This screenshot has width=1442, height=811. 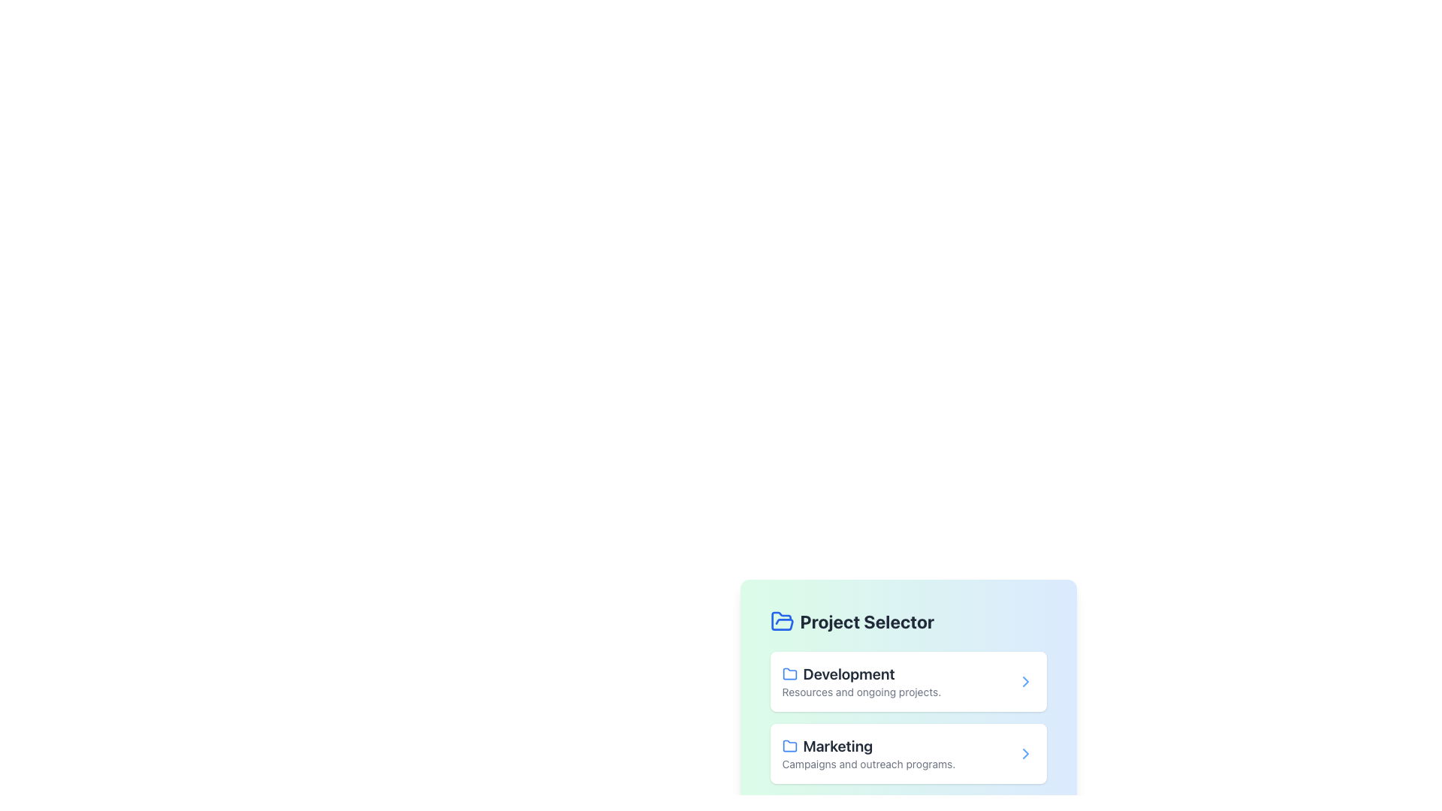 What do you see at coordinates (789, 673) in the screenshot?
I see `the folder icon located at the top-left corner of the card interface` at bounding box center [789, 673].